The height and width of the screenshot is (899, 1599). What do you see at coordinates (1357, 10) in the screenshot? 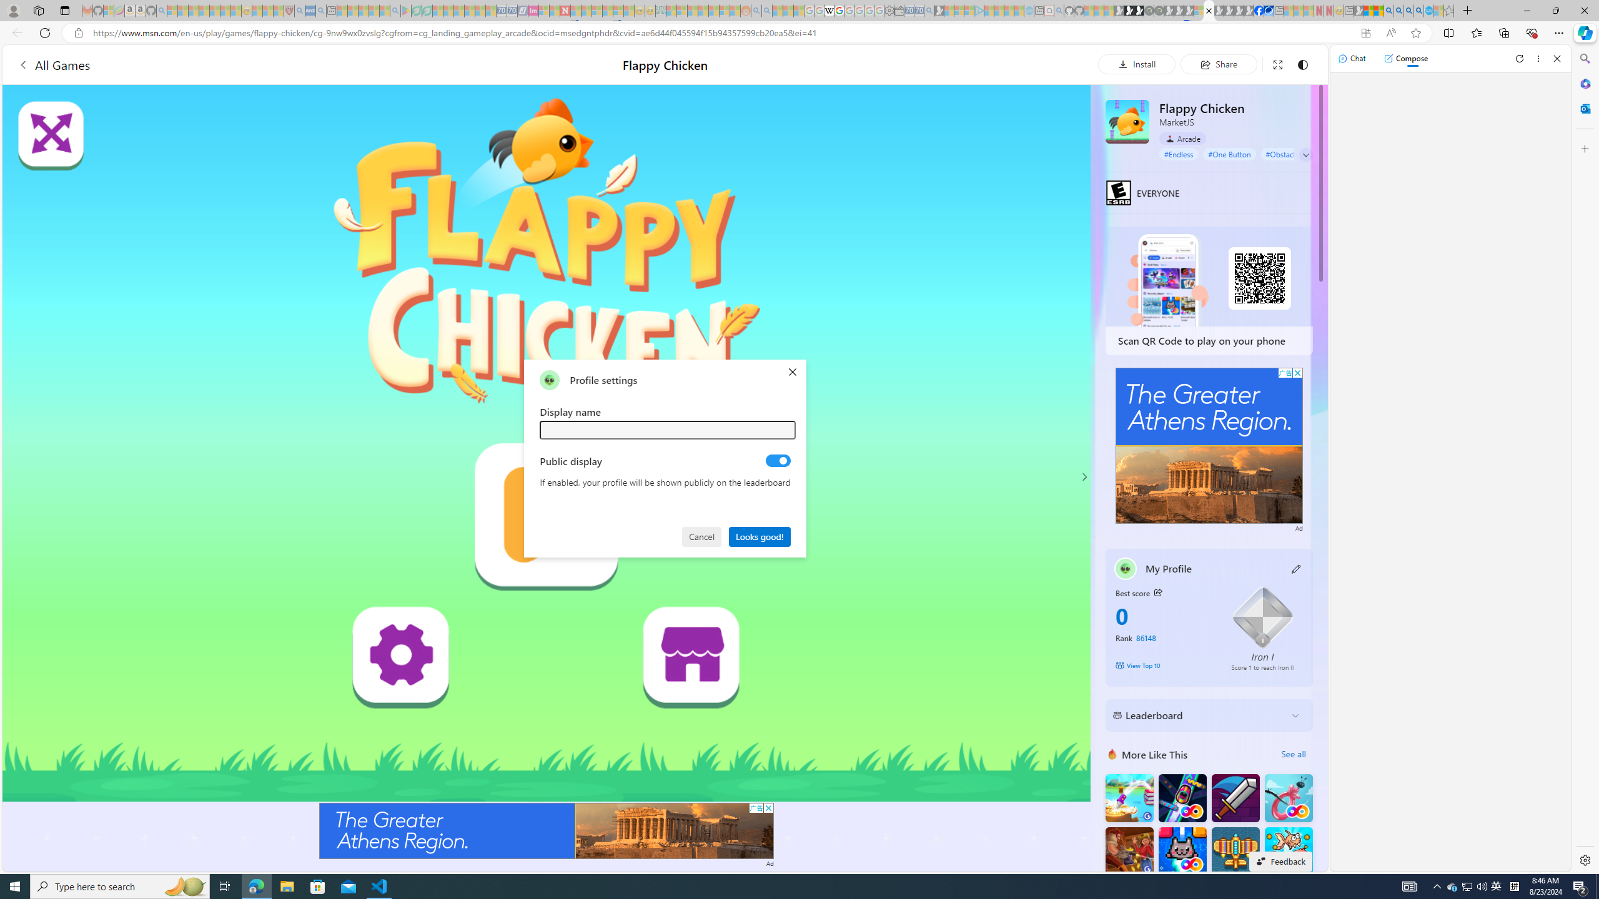
I see `'MSN - Sleeping'` at bounding box center [1357, 10].